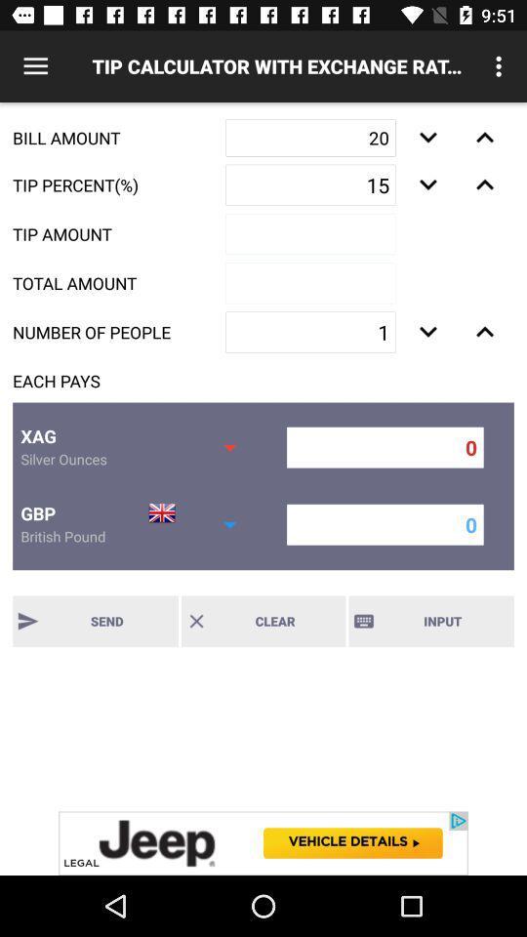 The height and width of the screenshot is (937, 527). I want to click on increases count, so click(484, 332).